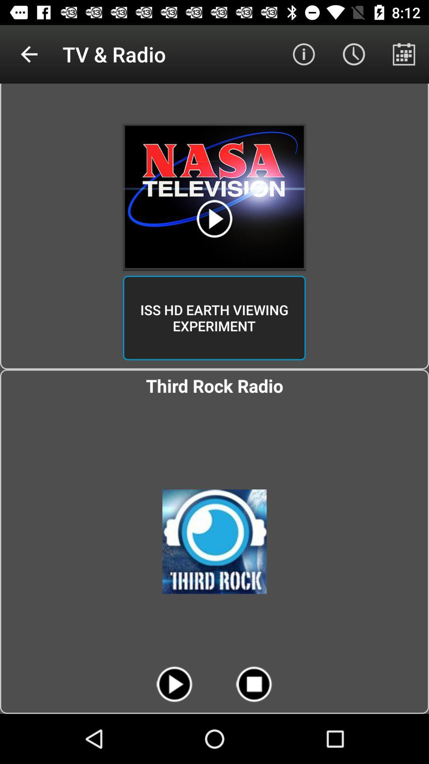 Image resolution: width=429 pixels, height=764 pixels. What do you see at coordinates (174, 684) in the screenshot?
I see `the play icon` at bounding box center [174, 684].